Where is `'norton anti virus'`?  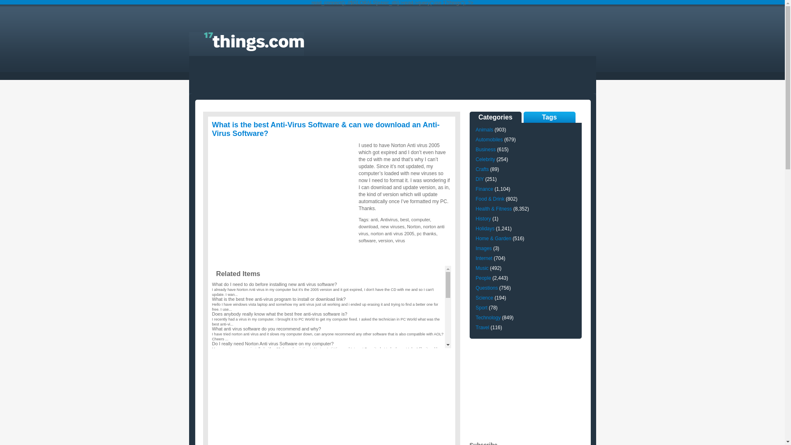 'norton anti virus' is located at coordinates (401, 230).